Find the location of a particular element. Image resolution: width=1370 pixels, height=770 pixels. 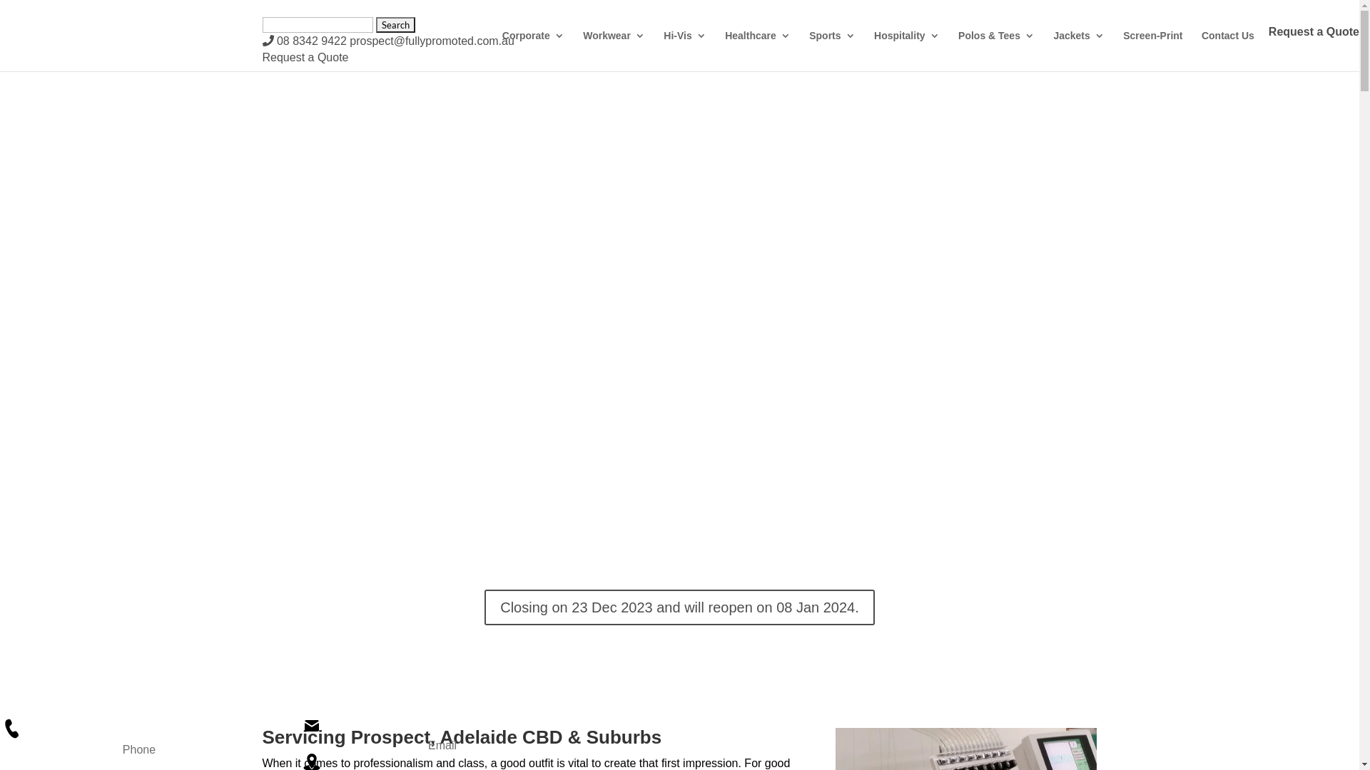

'Search' is located at coordinates (395, 24).